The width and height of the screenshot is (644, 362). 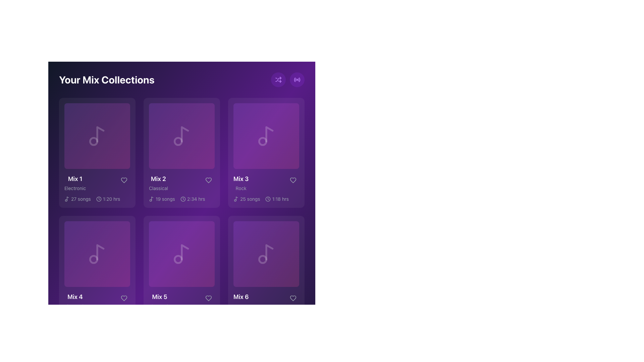 I want to click on the musical note decorative icon located in the 'Mix 4' card, which is situated in the second row, first column of the grid layout under 'Your Mix Collections', so click(x=97, y=254).